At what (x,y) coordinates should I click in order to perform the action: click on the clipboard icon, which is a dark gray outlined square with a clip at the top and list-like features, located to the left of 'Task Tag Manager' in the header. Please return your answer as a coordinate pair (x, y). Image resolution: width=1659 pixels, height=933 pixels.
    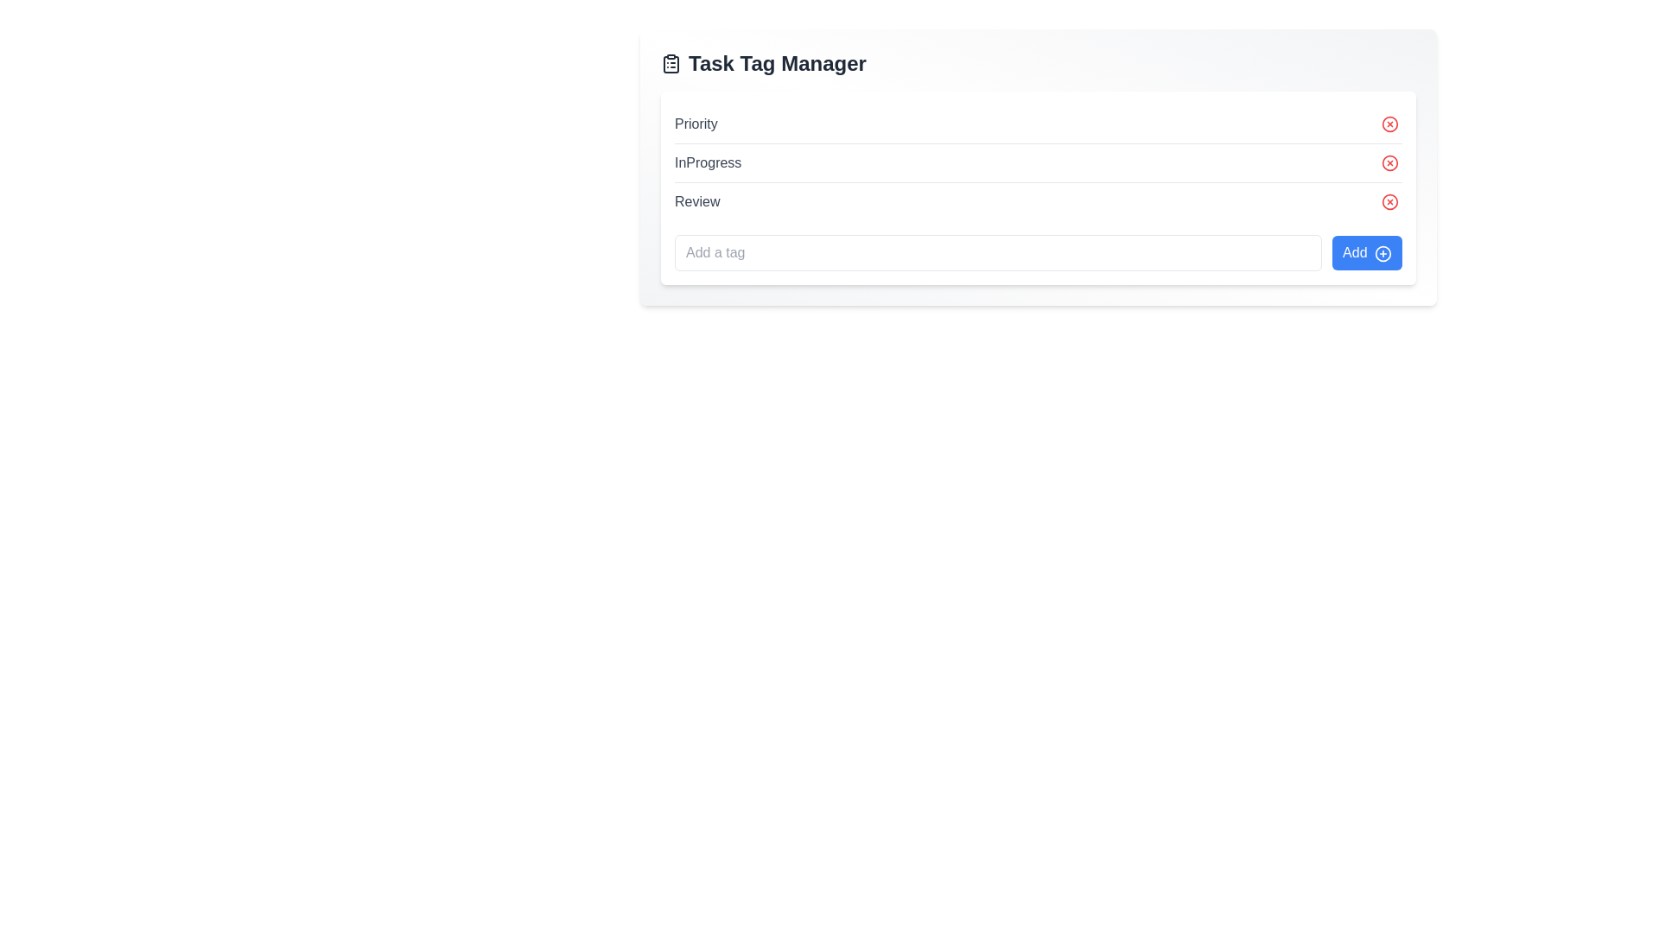
    Looking at the image, I should click on (671, 62).